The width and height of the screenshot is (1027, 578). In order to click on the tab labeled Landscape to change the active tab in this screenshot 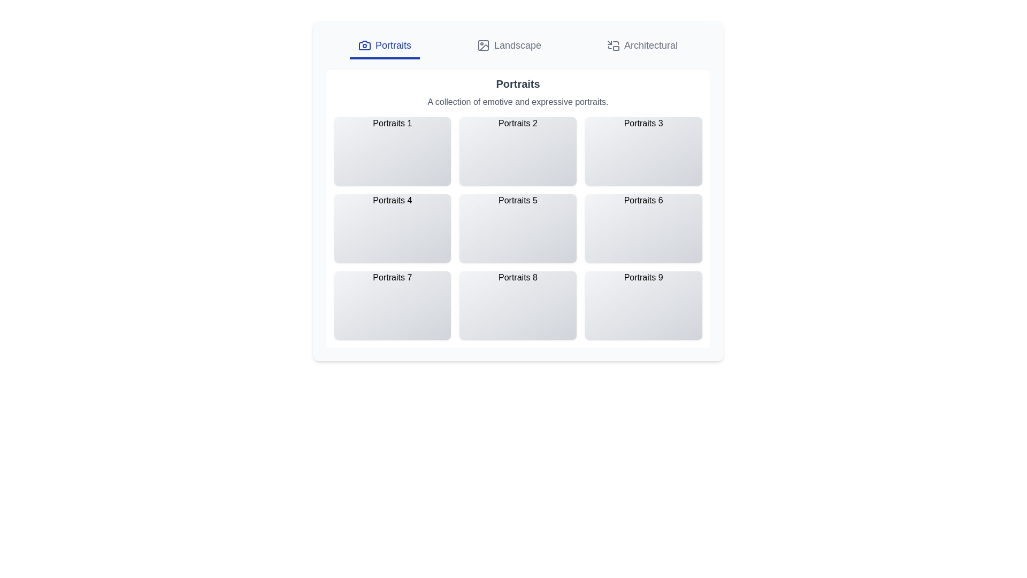, I will do `click(508, 46)`.